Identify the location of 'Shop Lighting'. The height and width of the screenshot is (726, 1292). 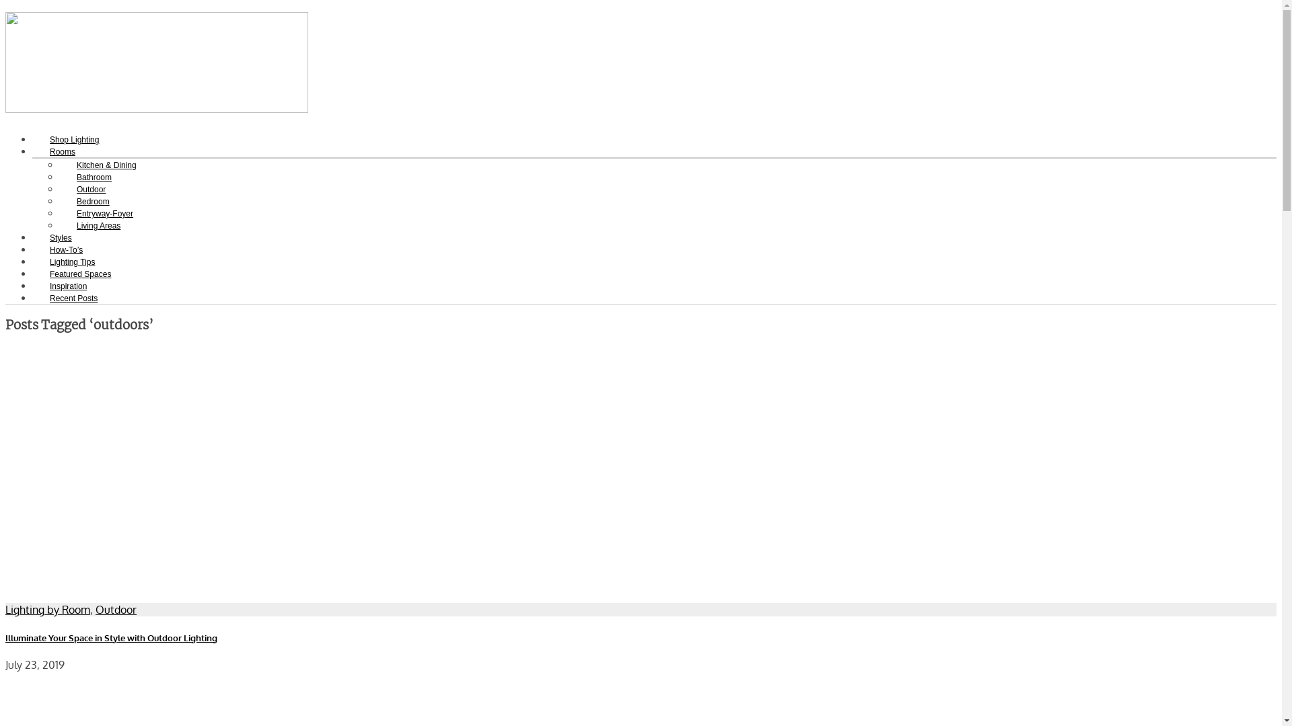
(73, 140).